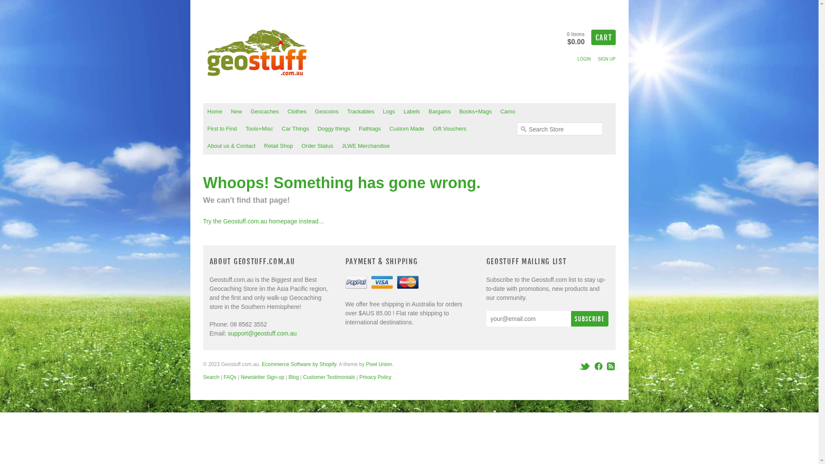 The image size is (825, 464). I want to click on 'SIGN UP', so click(597, 58).